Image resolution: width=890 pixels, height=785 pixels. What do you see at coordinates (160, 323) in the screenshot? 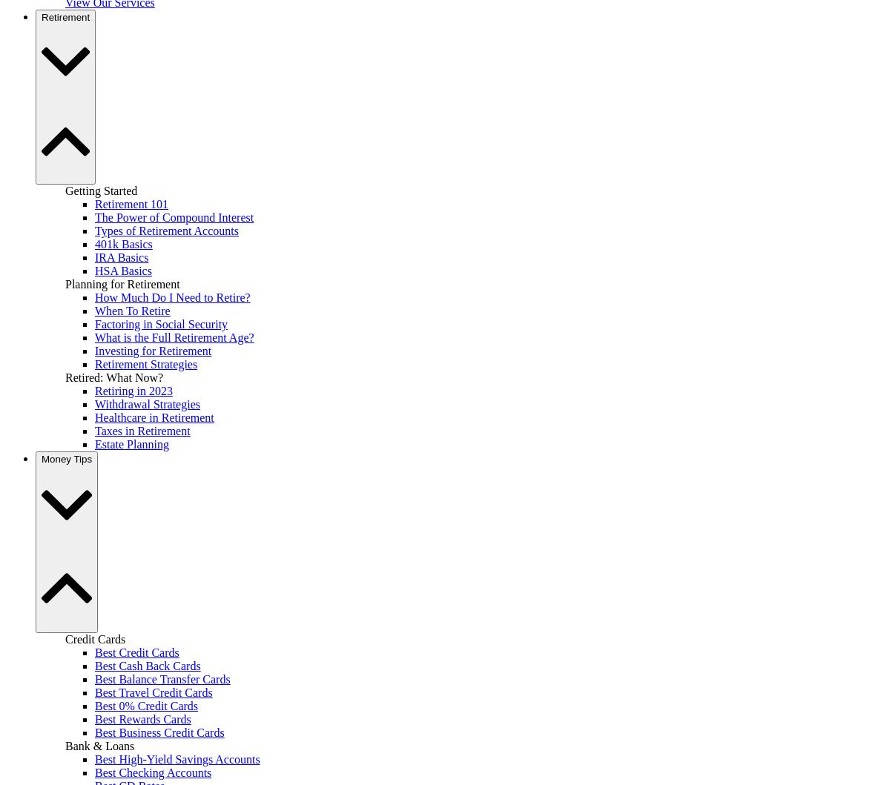
I see `'Factoring in Social Security'` at bounding box center [160, 323].